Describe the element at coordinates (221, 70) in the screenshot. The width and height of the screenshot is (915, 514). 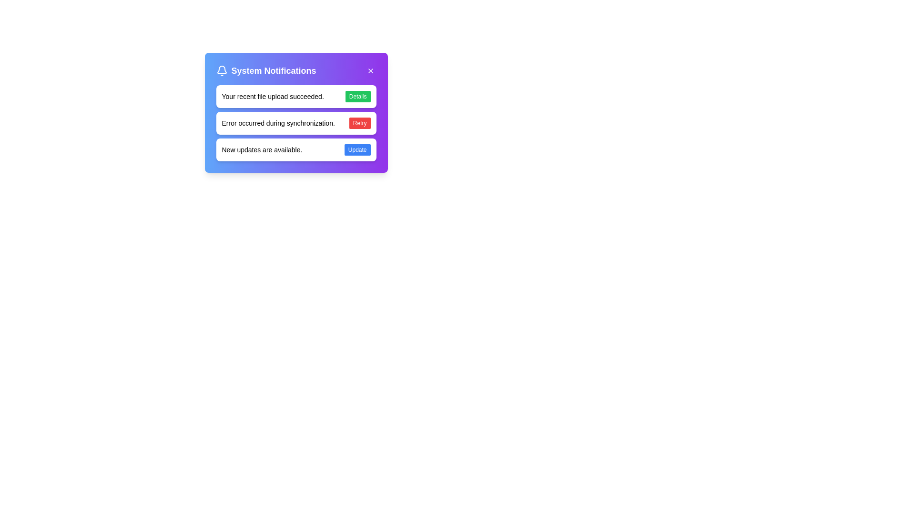
I see `the notification icon, which resembles a bell and is positioned to the left of the 'System Notifications' label in the upper-left section of the dialog box` at that location.